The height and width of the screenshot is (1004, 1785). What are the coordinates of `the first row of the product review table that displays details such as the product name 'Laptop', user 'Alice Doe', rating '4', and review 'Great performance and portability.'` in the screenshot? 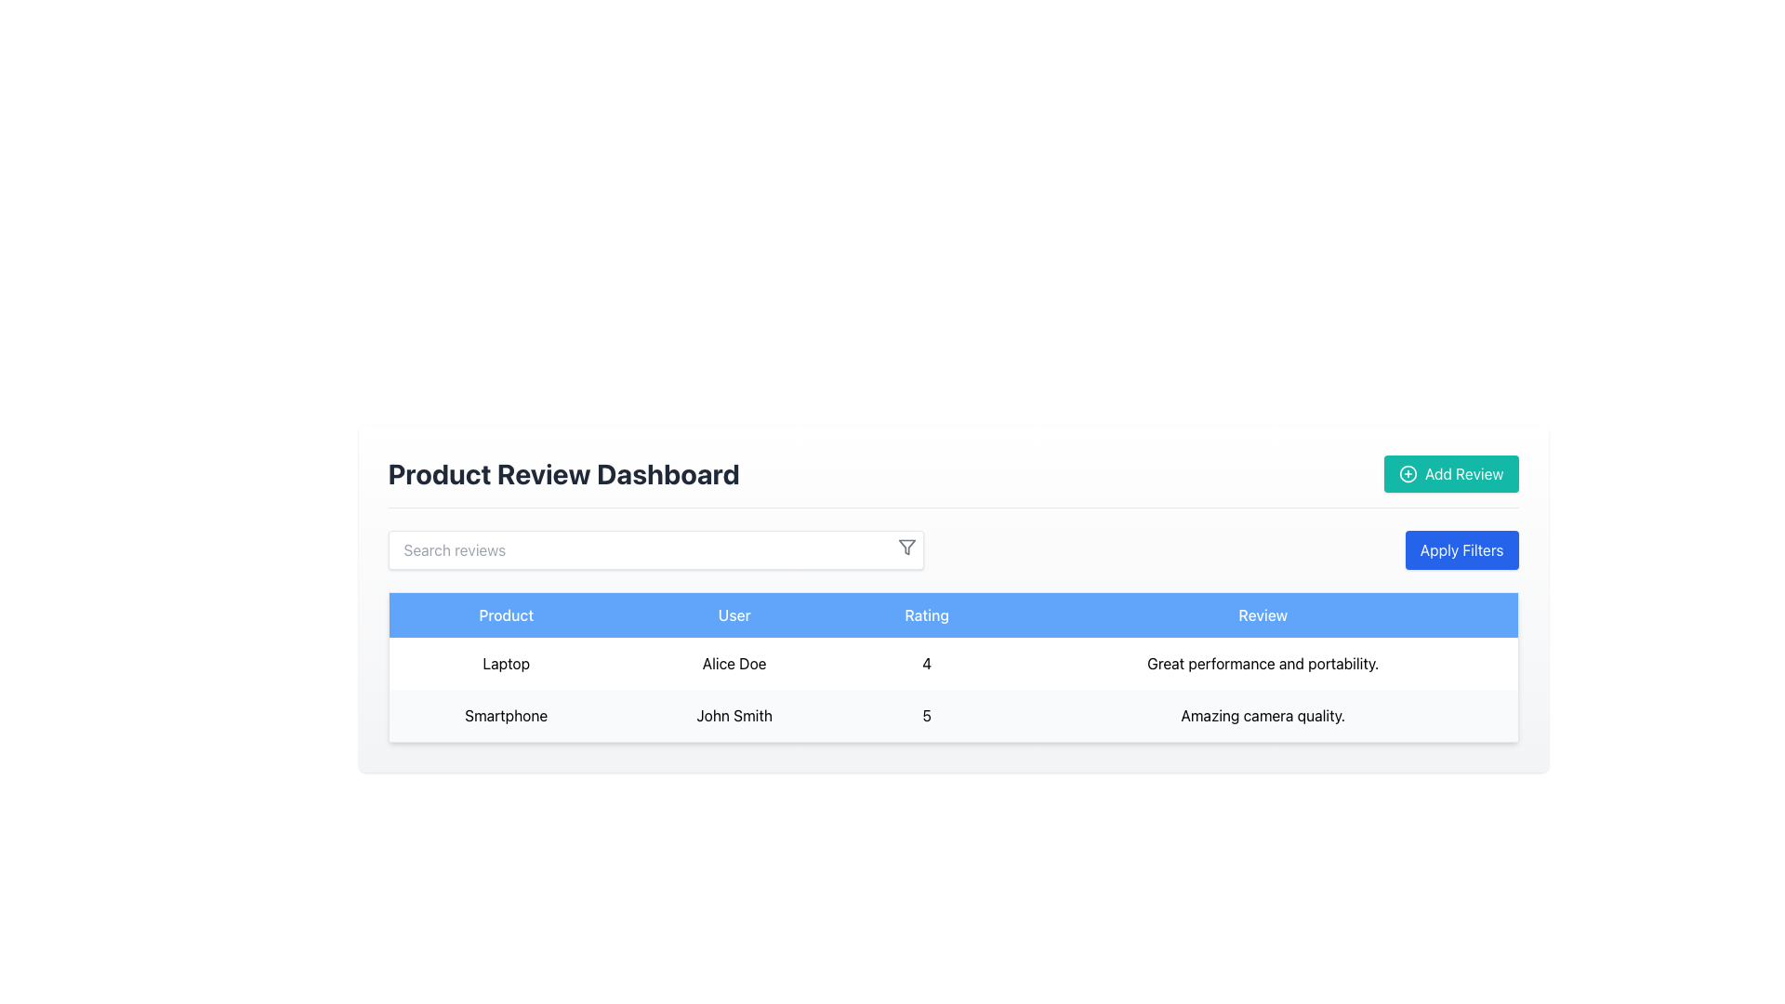 It's located at (953, 662).